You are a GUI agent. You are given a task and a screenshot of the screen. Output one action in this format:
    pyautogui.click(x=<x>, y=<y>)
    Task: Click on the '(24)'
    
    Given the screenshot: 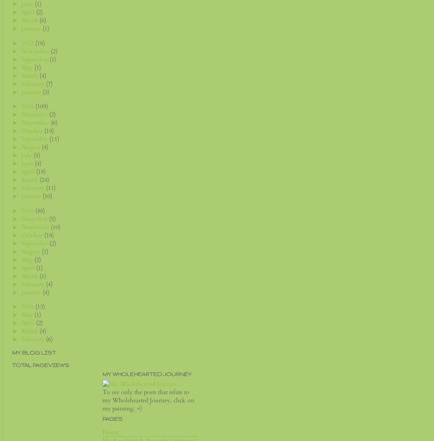 What is the action you would take?
    pyautogui.click(x=44, y=180)
    